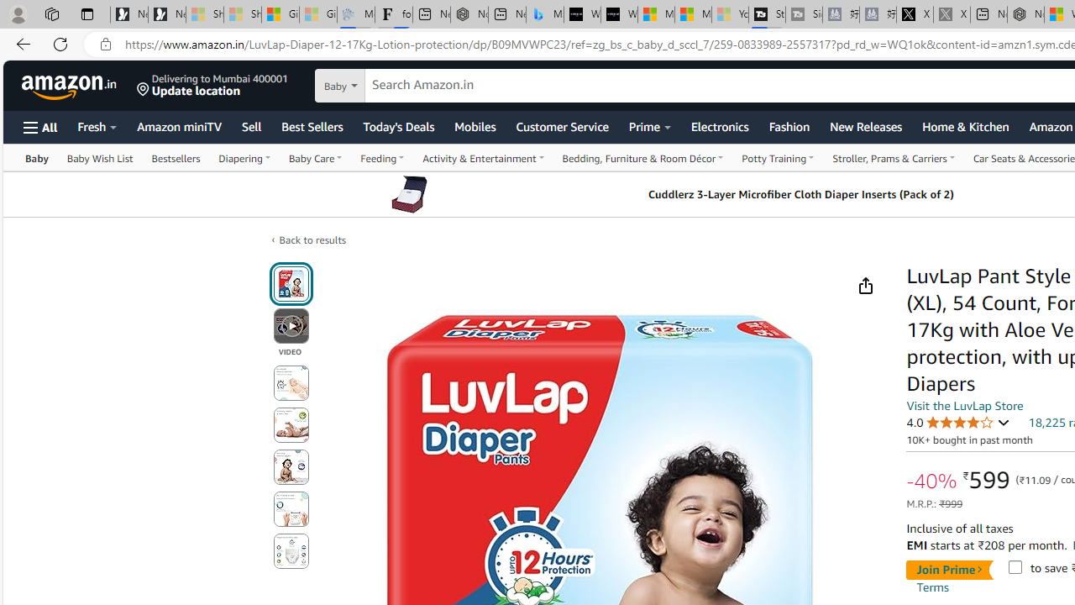  Describe the element at coordinates (167, 14) in the screenshot. I see `'Newsletter Sign Up'` at that location.